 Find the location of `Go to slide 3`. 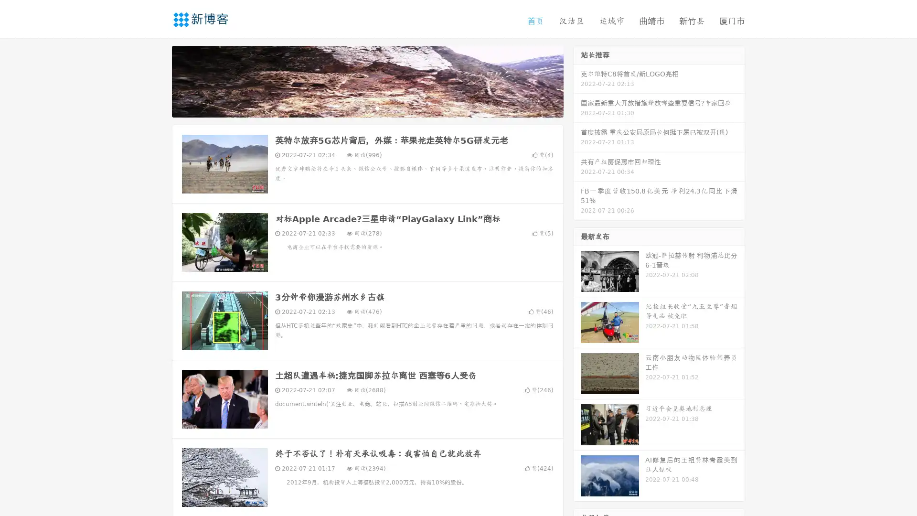

Go to slide 3 is located at coordinates (377, 107).